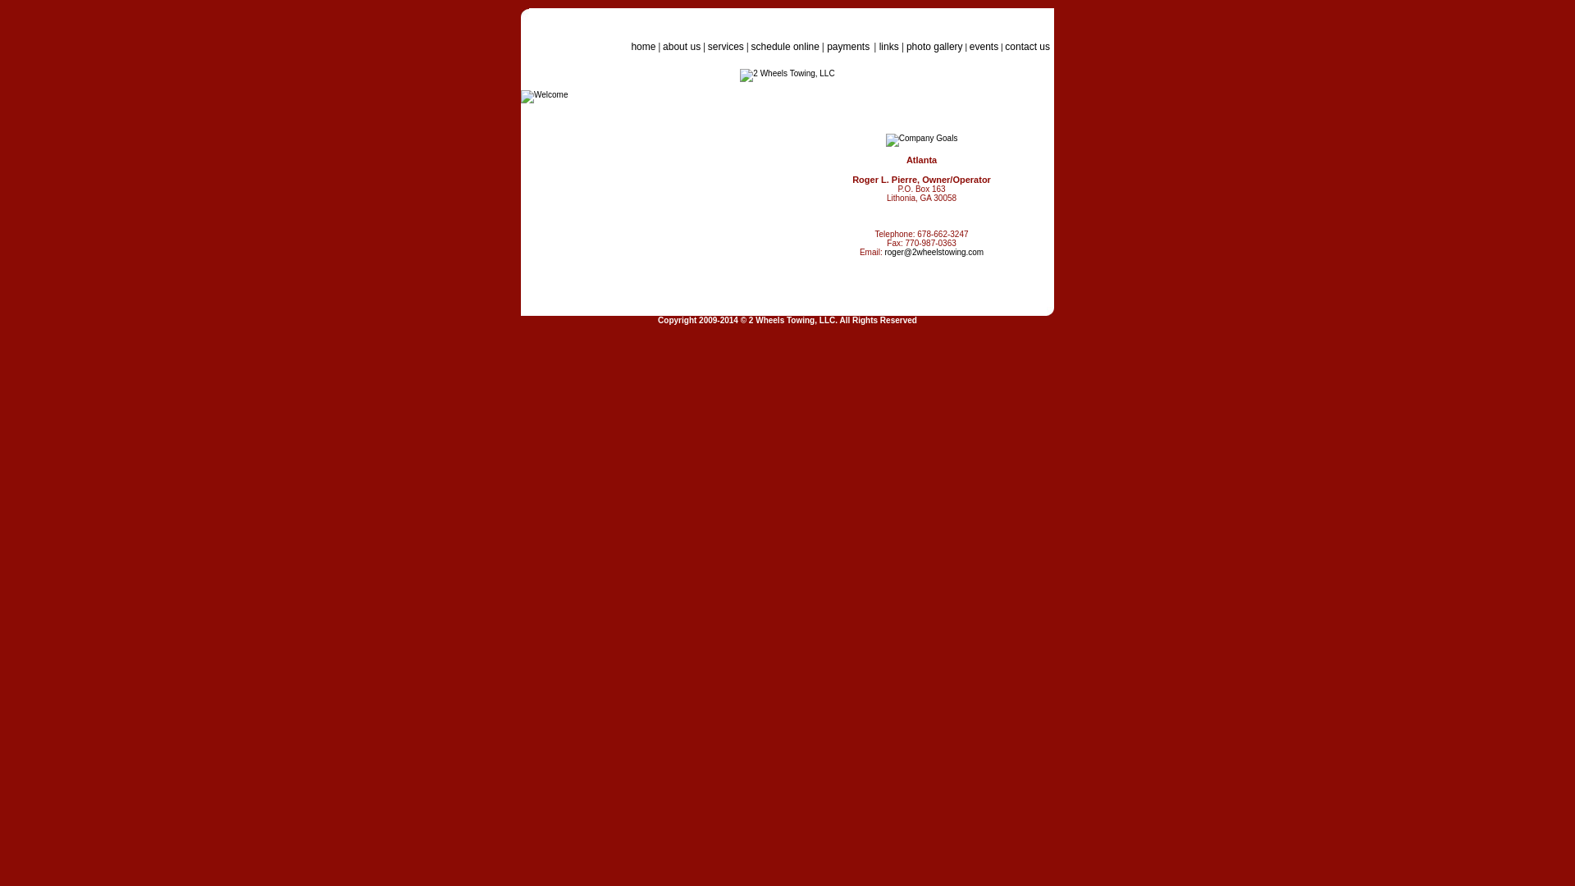 The height and width of the screenshot is (886, 1575). Describe the element at coordinates (984, 46) in the screenshot. I see `'events'` at that location.